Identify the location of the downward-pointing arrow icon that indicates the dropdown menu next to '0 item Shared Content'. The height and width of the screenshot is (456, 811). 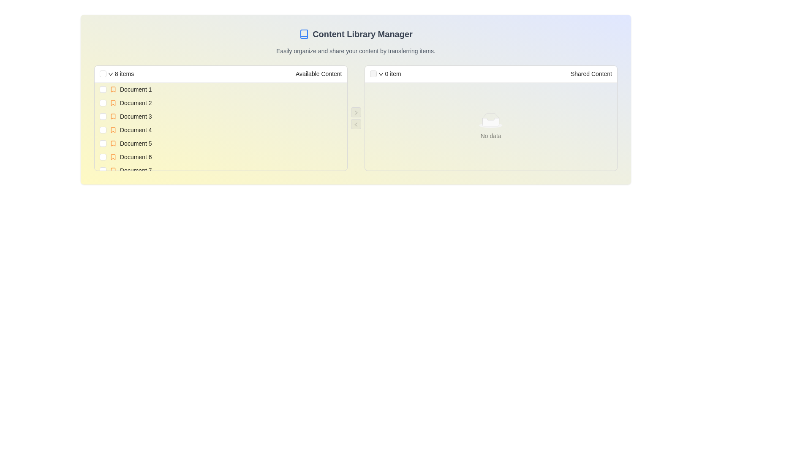
(380, 74).